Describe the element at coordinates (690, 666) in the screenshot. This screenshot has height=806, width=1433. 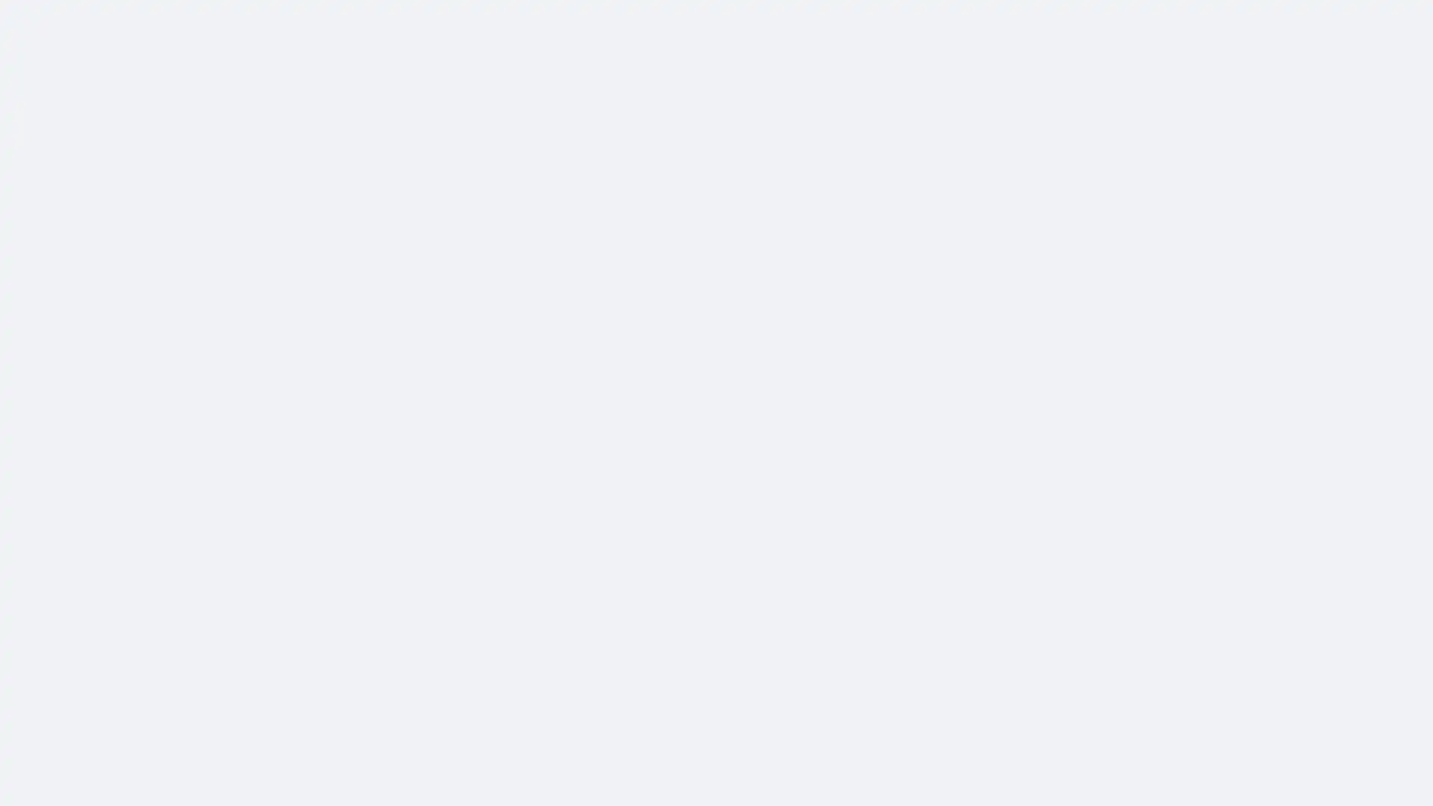
I see `Leuk: 6 personen` at that location.